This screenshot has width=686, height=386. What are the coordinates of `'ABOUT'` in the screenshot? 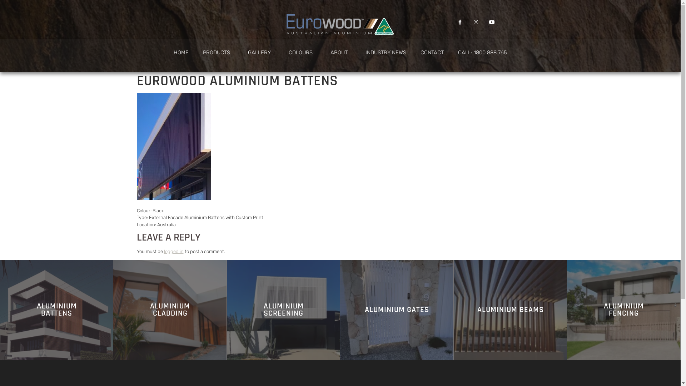 It's located at (323, 52).